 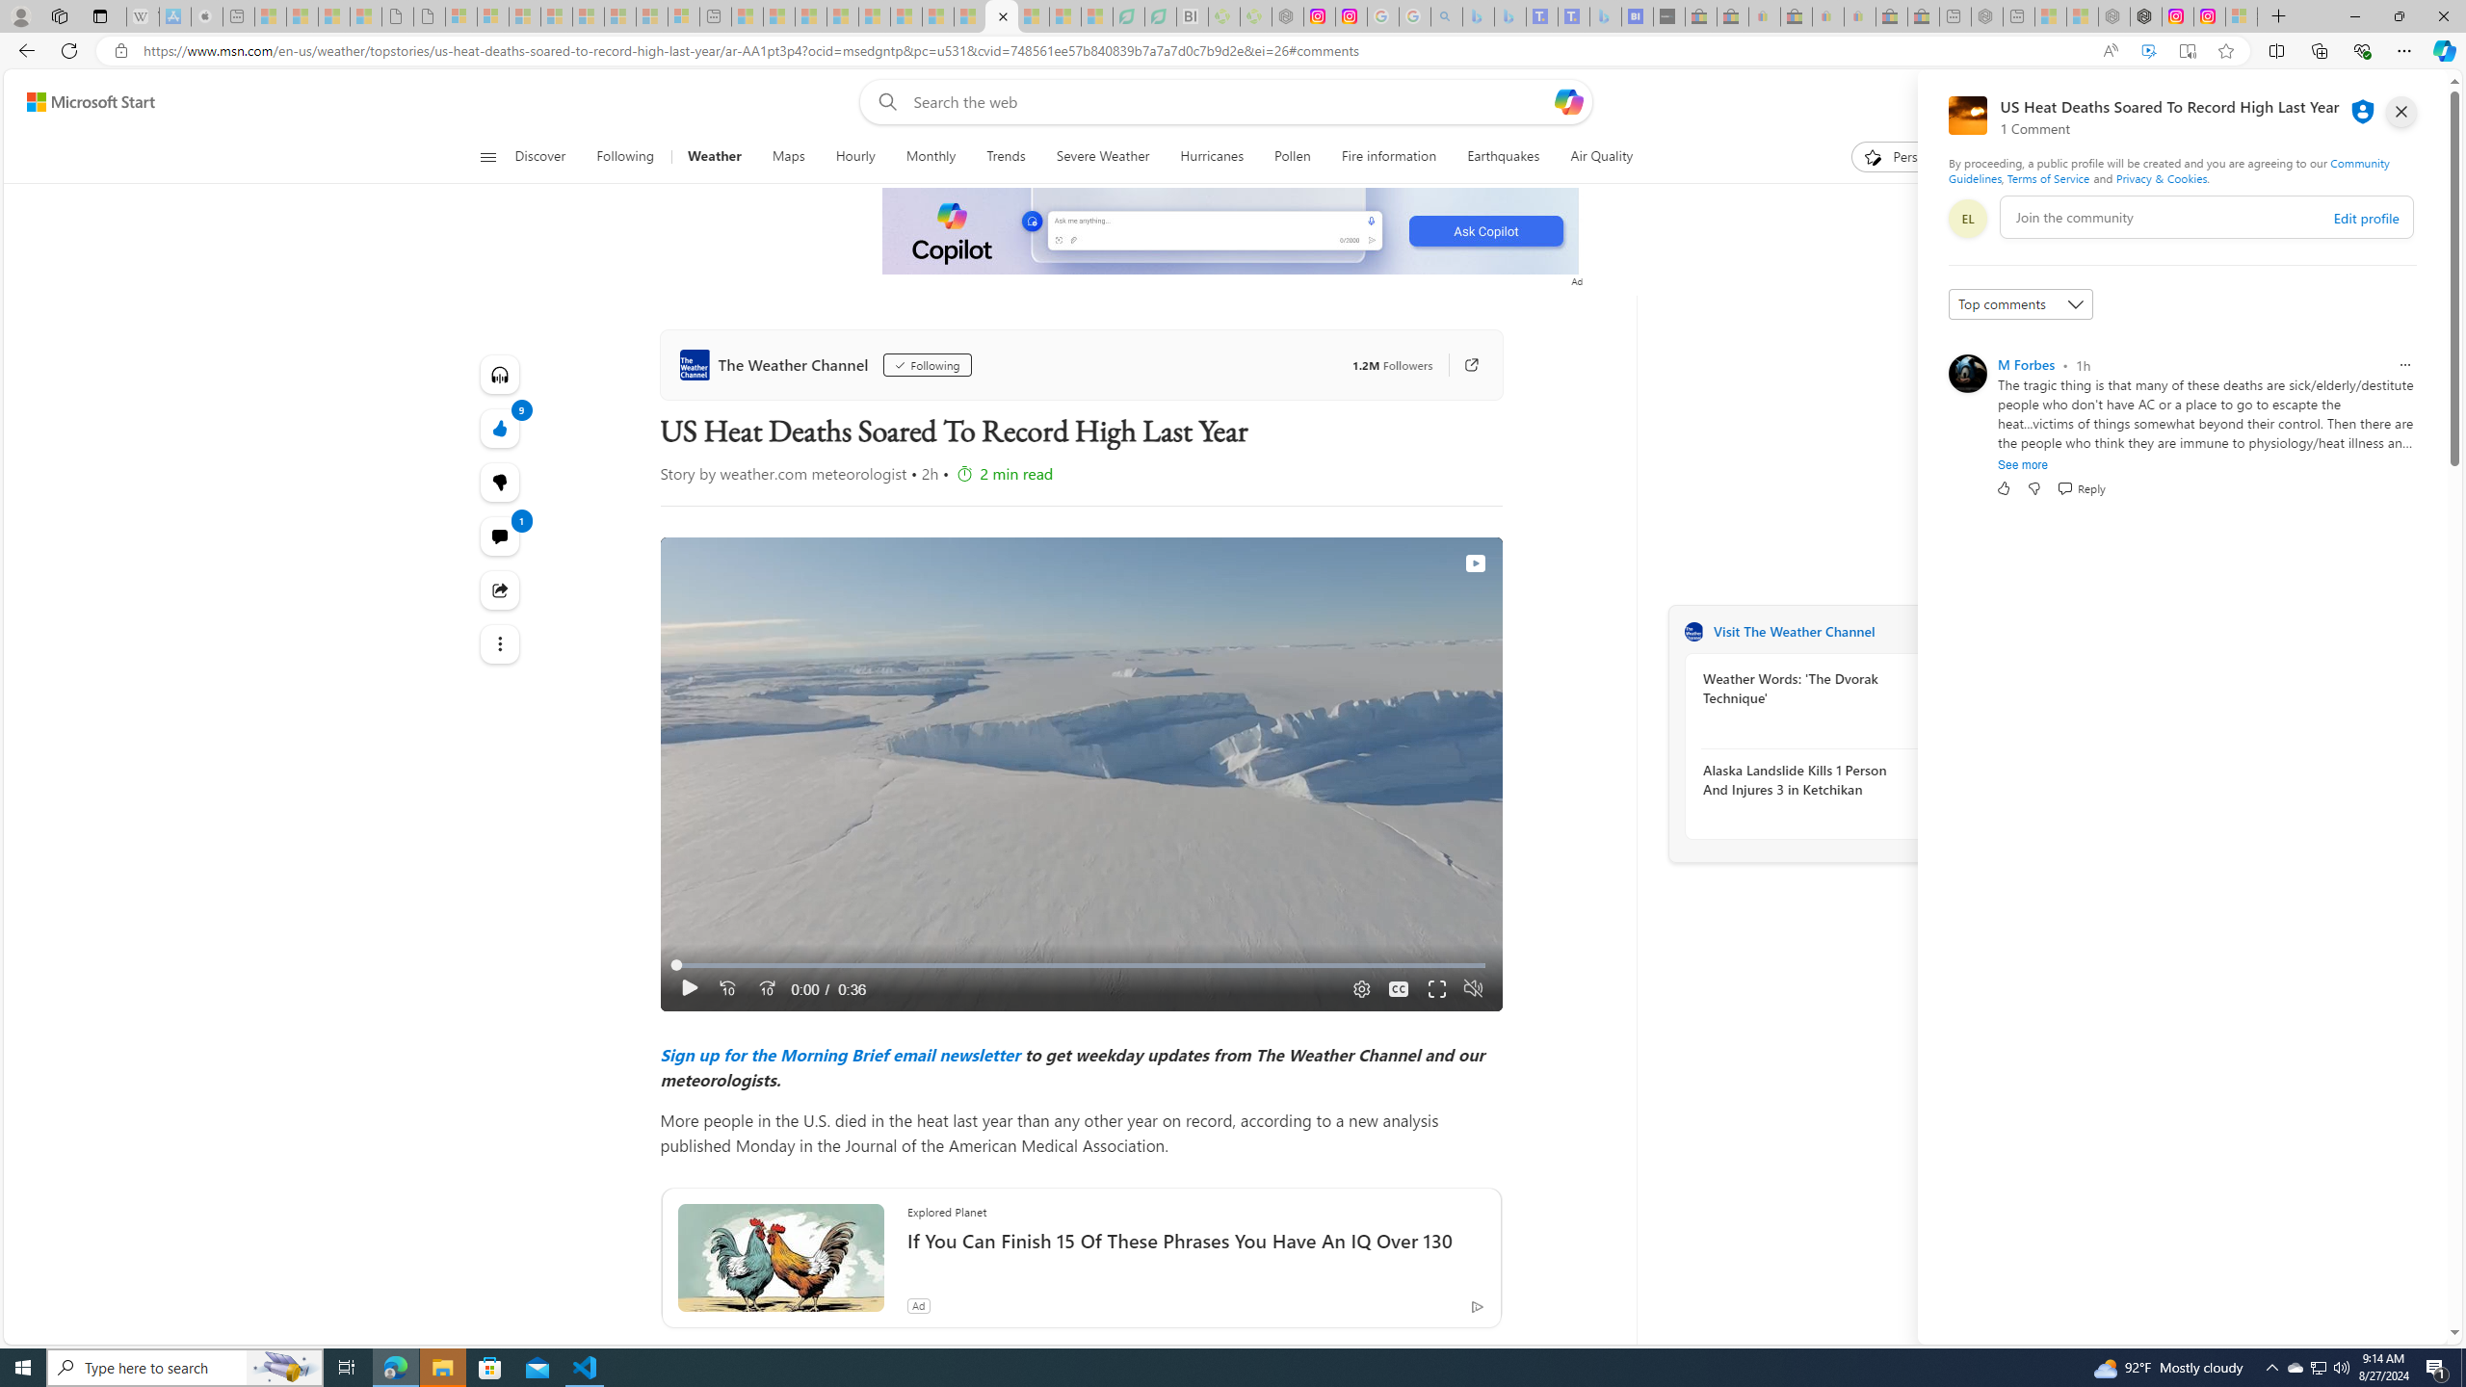 What do you see at coordinates (777, 15) in the screenshot?
I see `'Marine life - MSN - Sleeping'` at bounding box center [777, 15].